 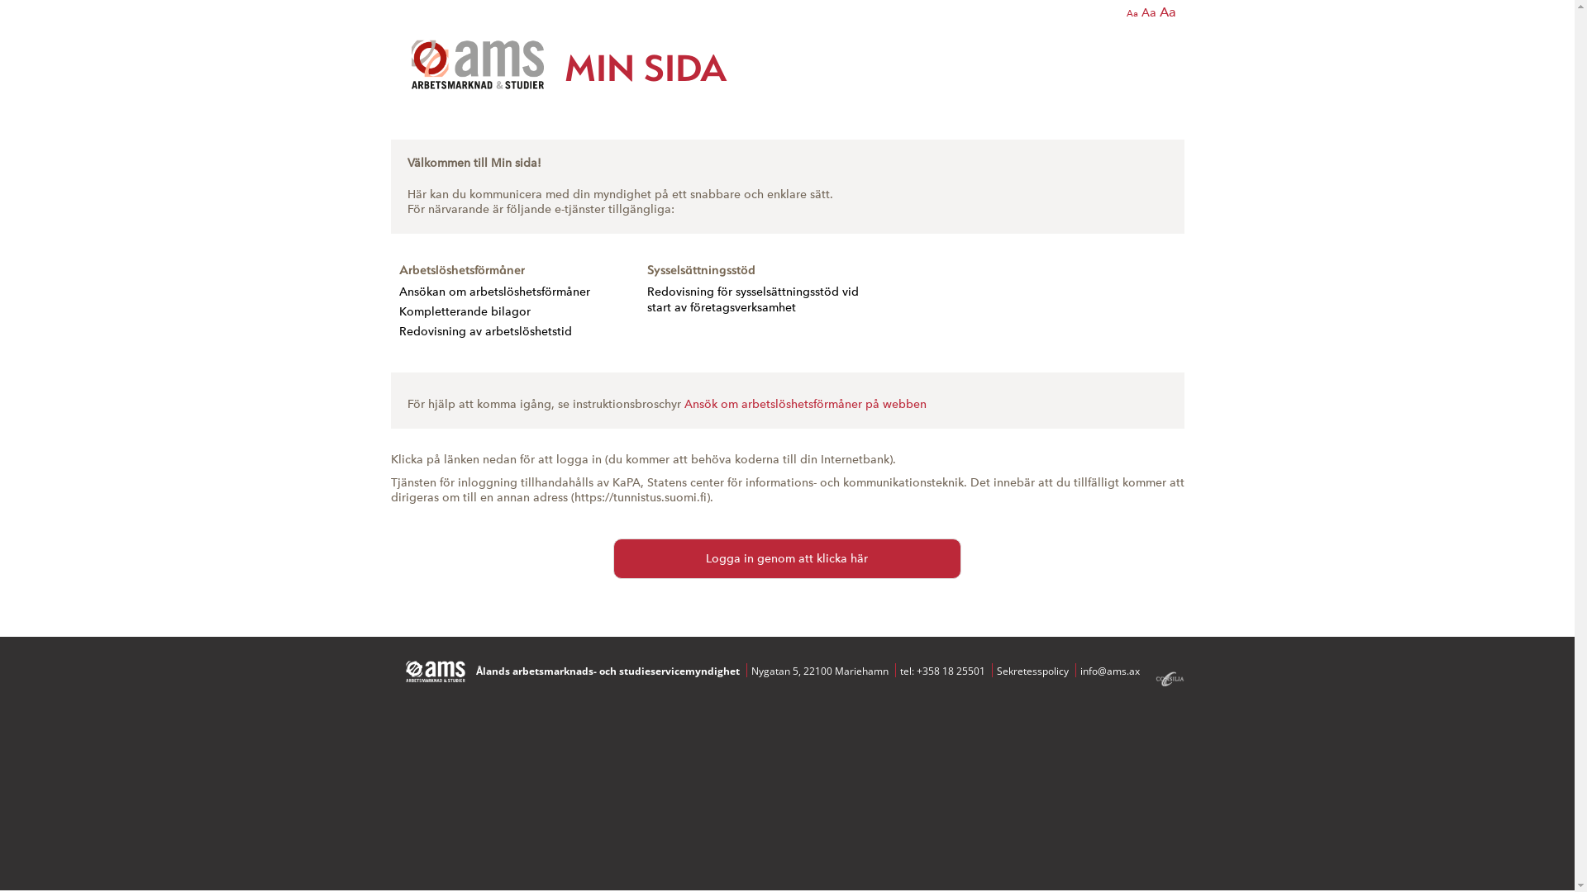 I want to click on 'Aa', so click(x=1165, y=12).